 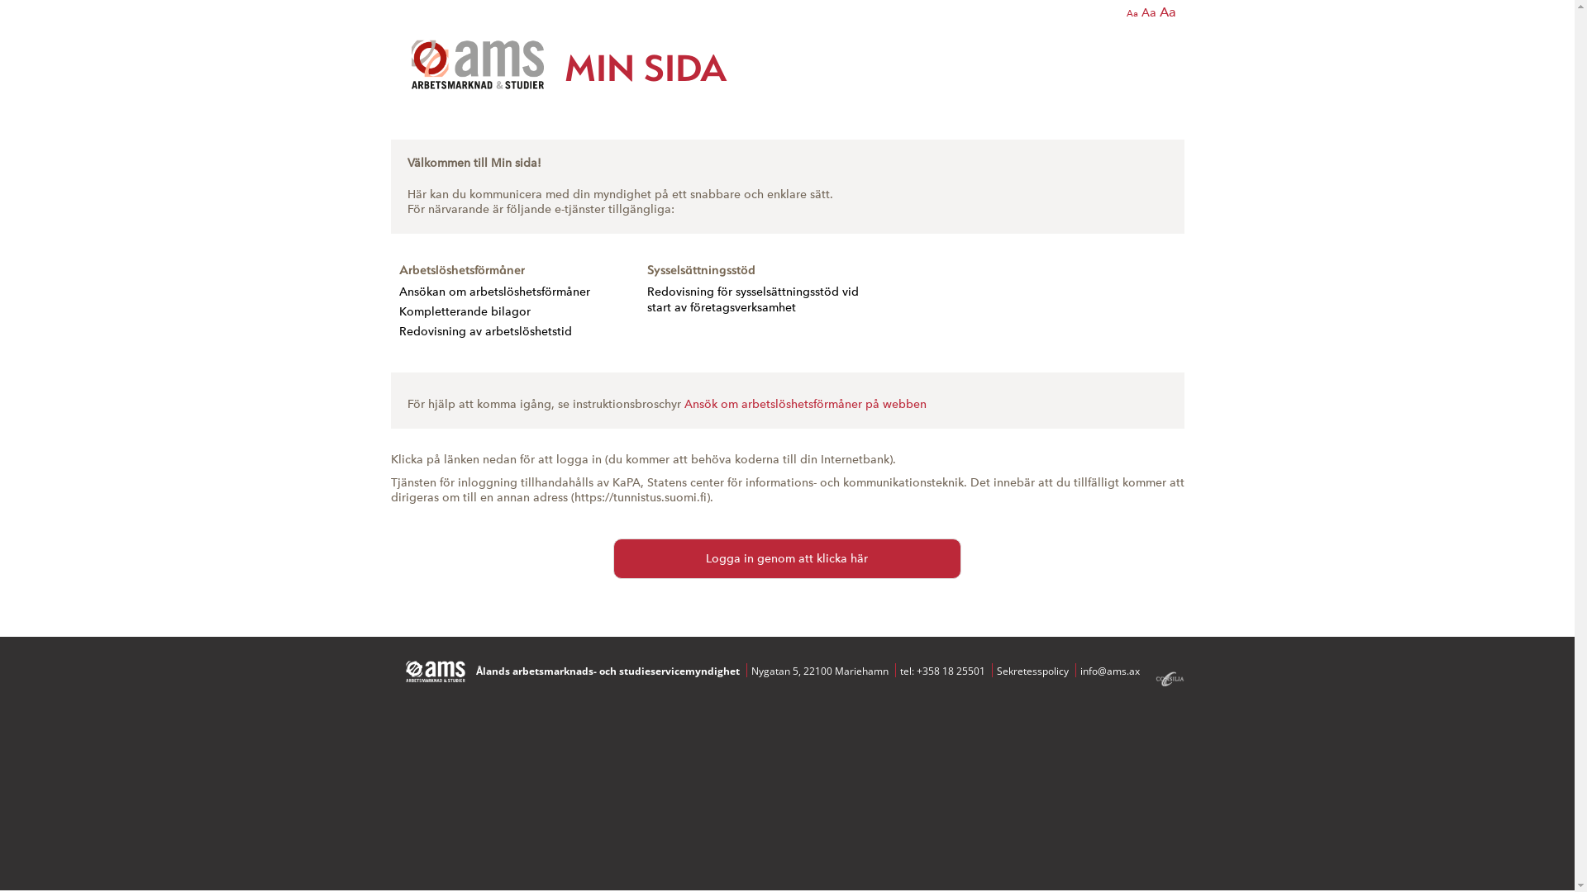 I want to click on 'Aa', so click(x=1165, y=12).